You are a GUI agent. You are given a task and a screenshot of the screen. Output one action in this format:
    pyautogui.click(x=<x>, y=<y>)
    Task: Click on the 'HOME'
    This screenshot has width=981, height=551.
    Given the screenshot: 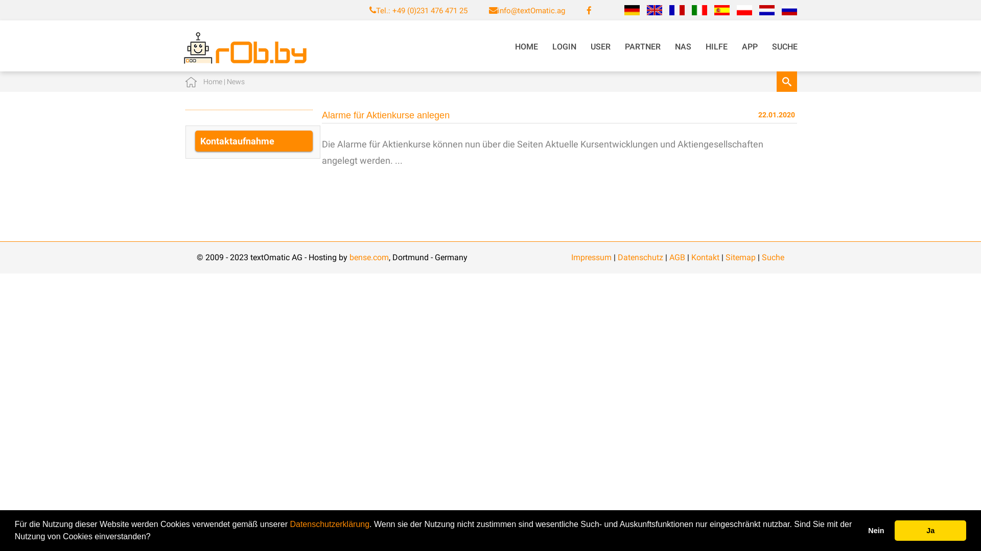 What is the action you would take?
    pyautogui.click(x=526, y=46)
    